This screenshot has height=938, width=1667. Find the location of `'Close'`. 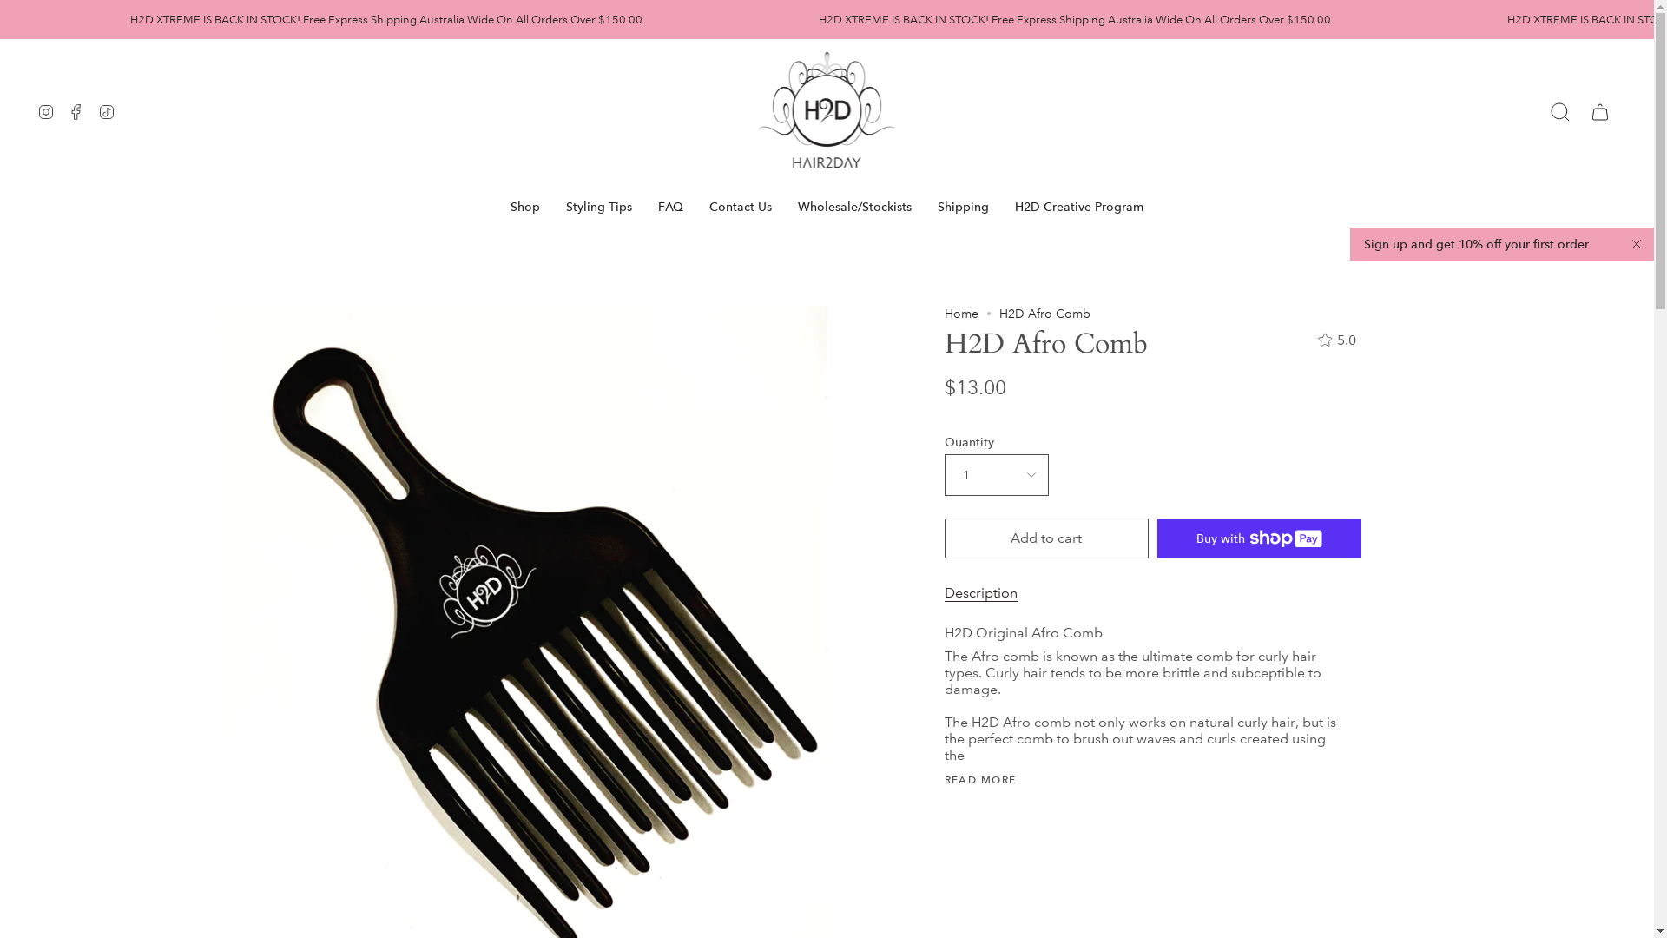

'Close' is located at coordinates (1636, 244).